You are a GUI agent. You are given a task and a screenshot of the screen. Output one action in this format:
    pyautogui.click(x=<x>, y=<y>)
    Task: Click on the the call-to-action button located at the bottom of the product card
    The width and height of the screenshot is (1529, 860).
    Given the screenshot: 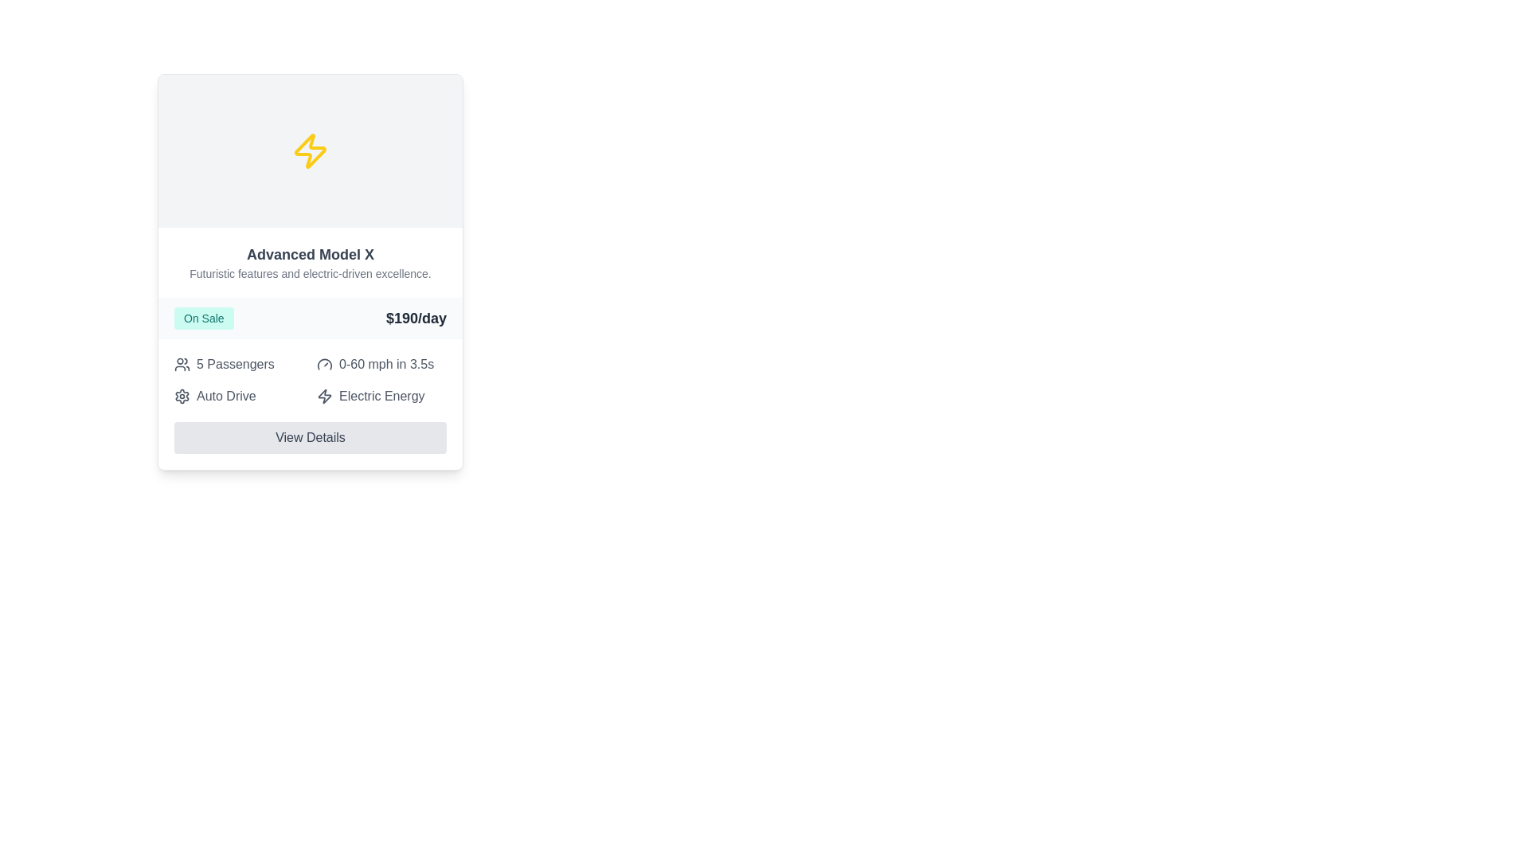 What is the action you would take?
    pyautogui.click(x=310, y=438)
    